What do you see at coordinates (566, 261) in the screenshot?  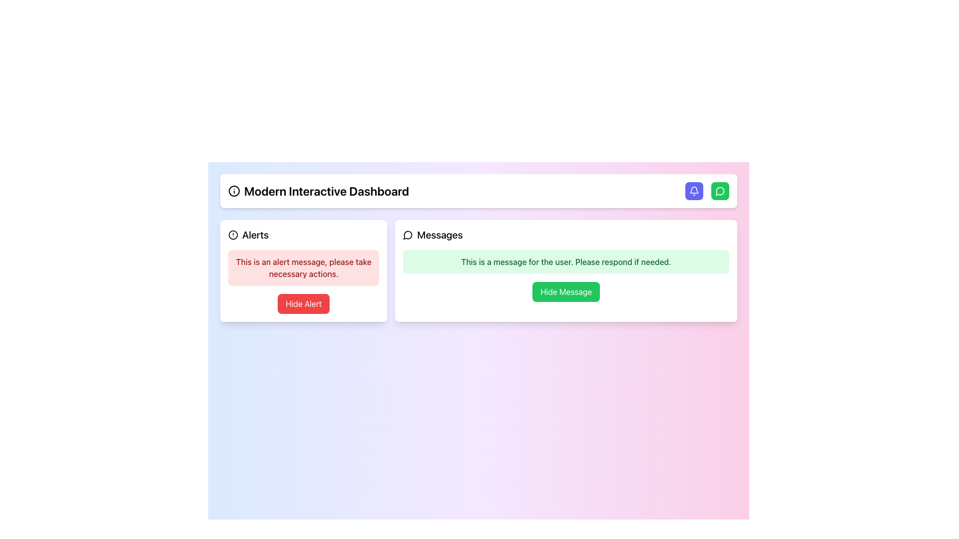 I see `the Informational Notification Banner with a light green background and the message 'This is a message for the user. Please respond if needed.'` at bounding box center [566, 261].